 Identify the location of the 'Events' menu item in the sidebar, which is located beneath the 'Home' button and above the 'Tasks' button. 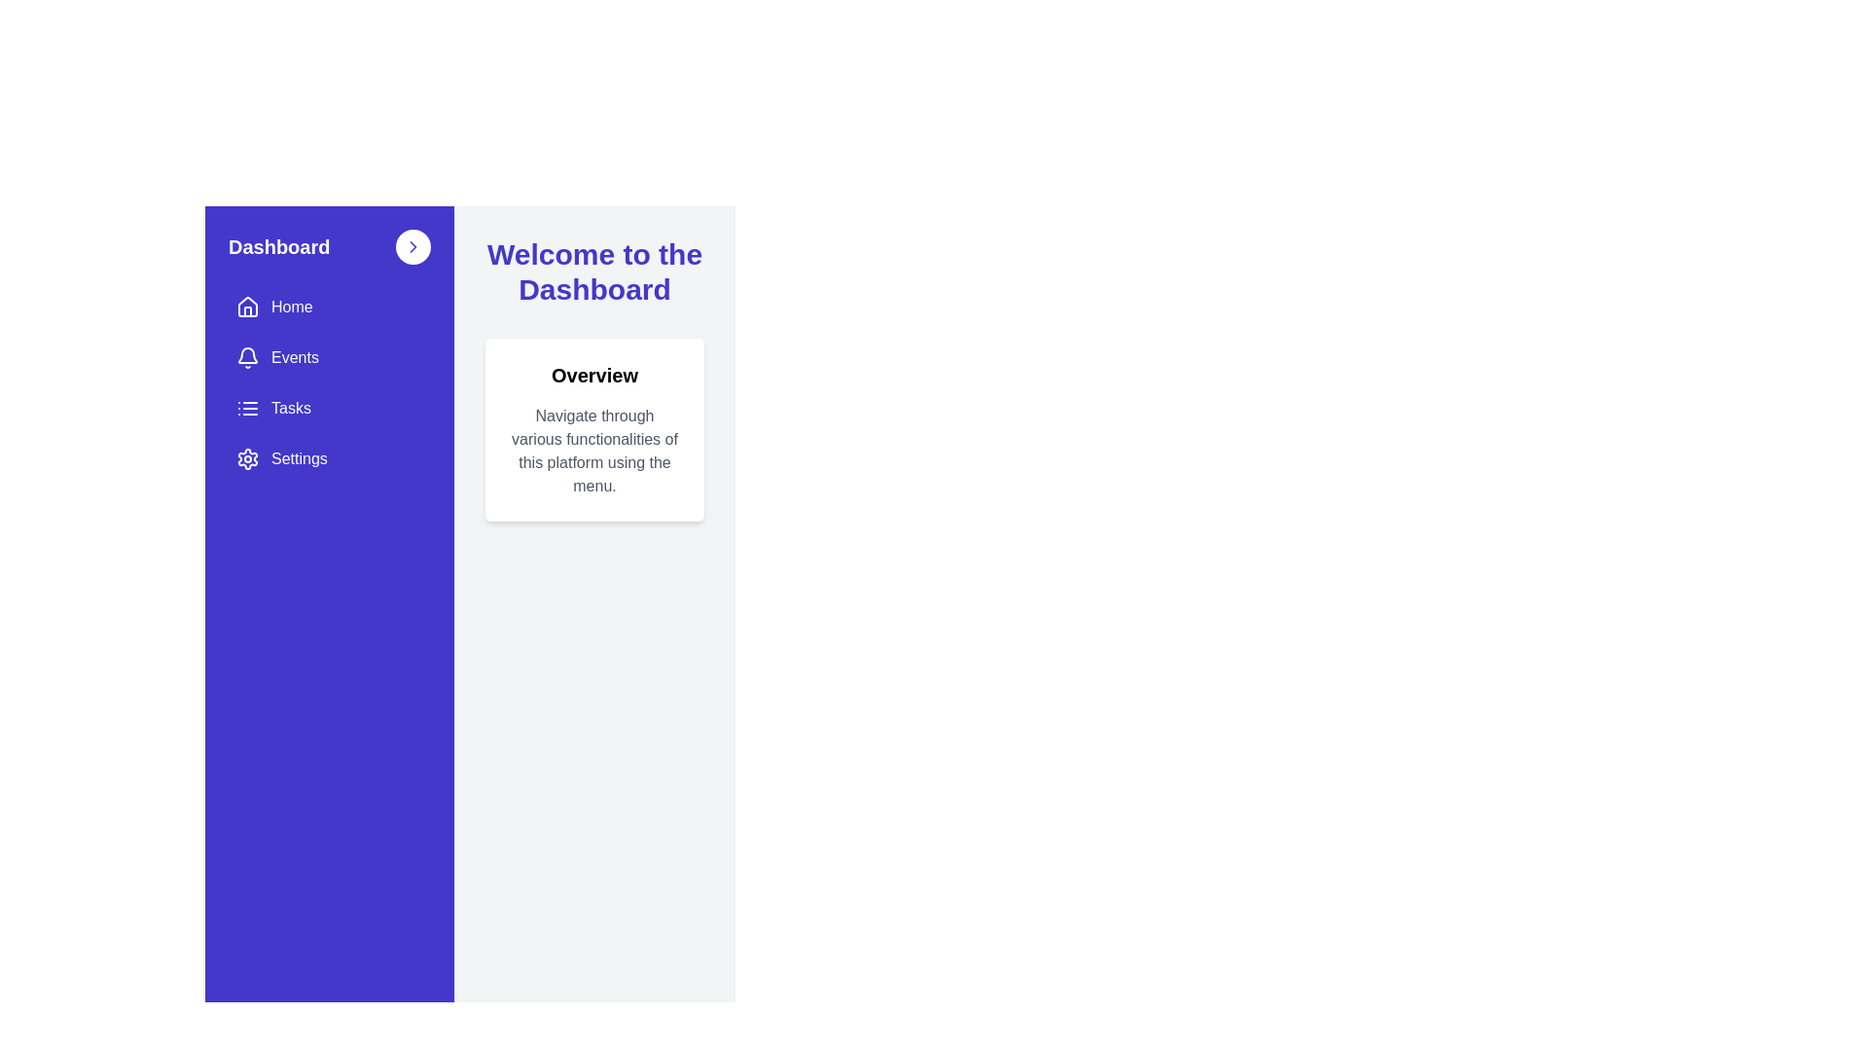
(294, 357).